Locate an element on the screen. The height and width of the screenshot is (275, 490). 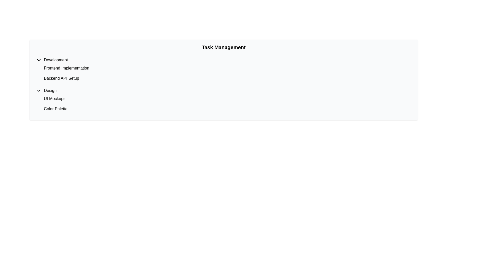
the textual label 'UI Mockups', which is the first item under the 'Design' section in a list format is located at coordinates (55, 99).